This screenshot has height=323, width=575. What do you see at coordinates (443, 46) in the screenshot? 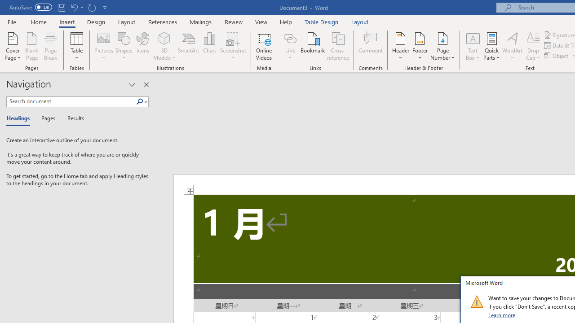
I see `'Page Number'` at bounding box center [443, 46].